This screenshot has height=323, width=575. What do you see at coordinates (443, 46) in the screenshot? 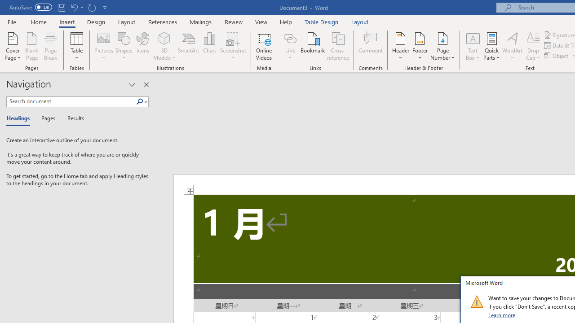
I see `'Page Number'` at bounding box center [443, 46].